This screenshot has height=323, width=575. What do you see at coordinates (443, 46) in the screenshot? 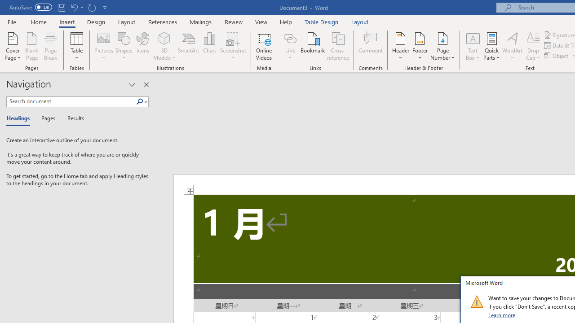
I see `'Page Number'` at bounding box center [443, 46].